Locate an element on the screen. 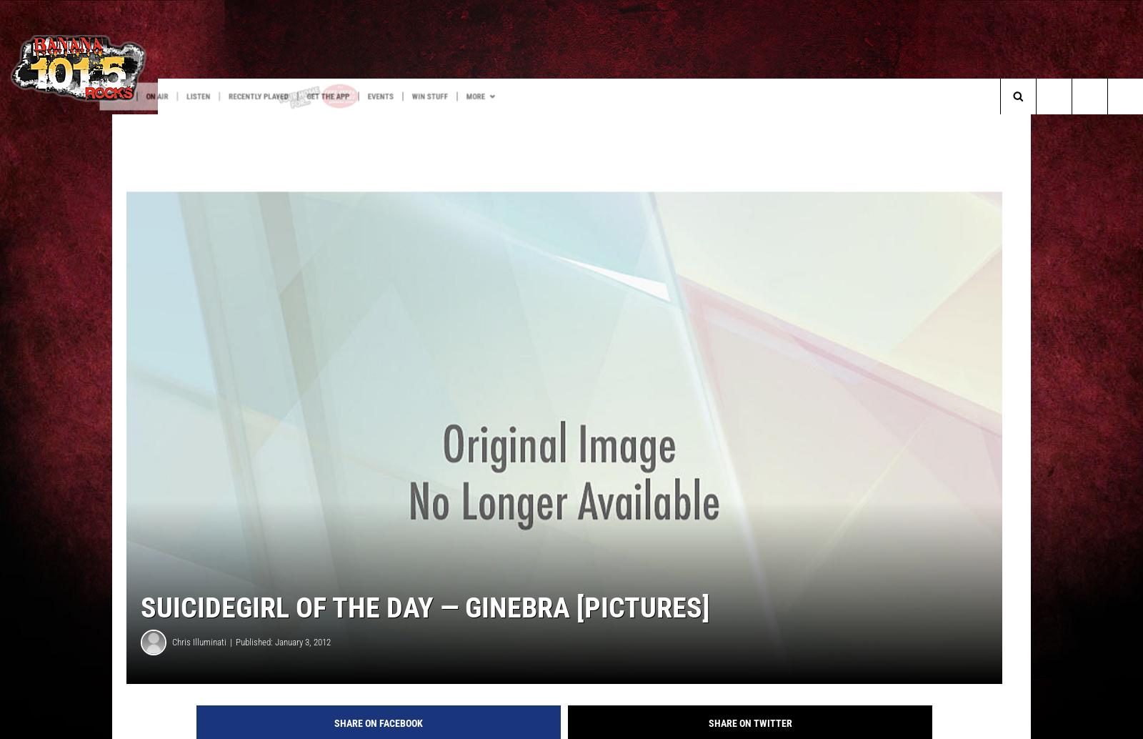 This screenshot has height=739, width=1143. 'Win Stuff' is located at coordinates (560, 96).